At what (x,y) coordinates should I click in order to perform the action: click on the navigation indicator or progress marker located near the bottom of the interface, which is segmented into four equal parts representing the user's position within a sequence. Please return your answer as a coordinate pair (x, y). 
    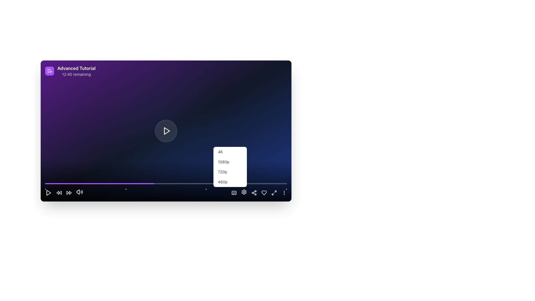
    Looking at the image, I should click on (166, 190).